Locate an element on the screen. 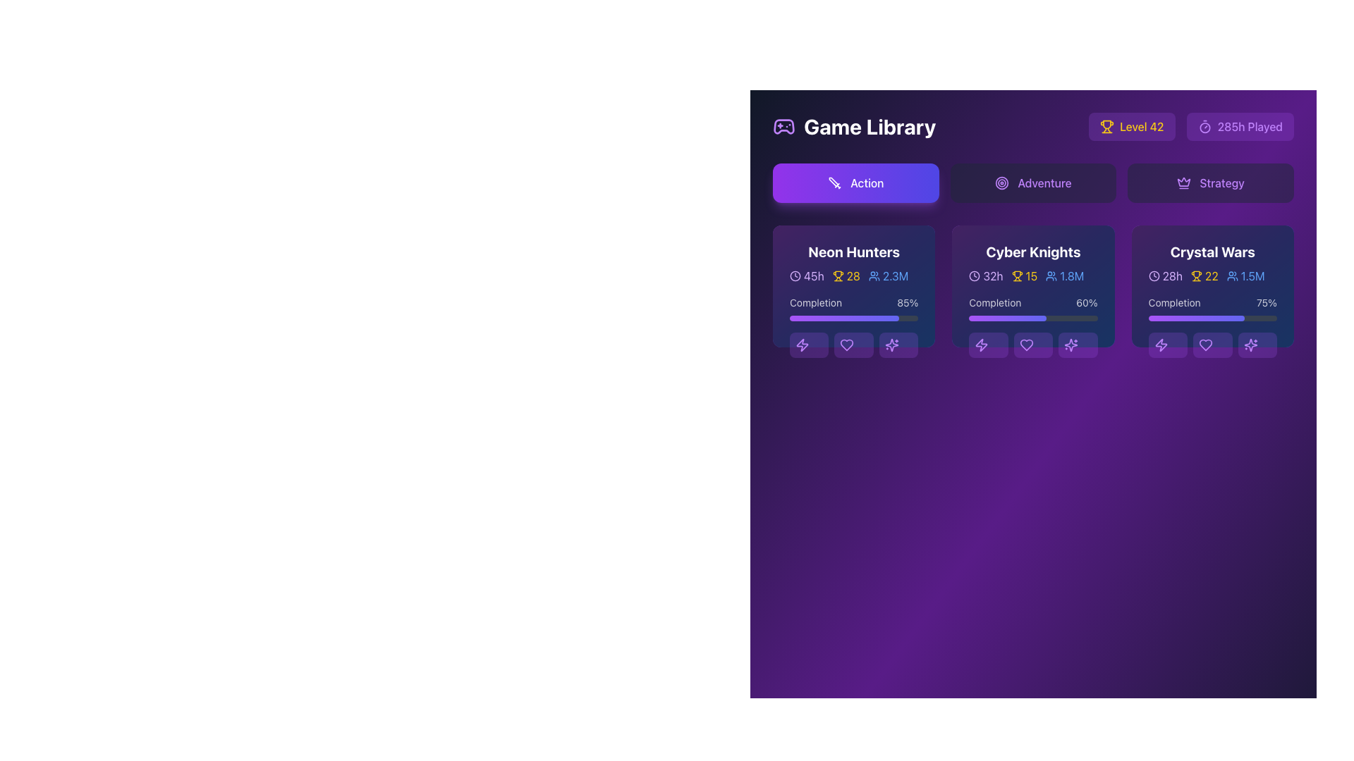  the circular SVG graphic element representing part of a clock icon located in the top-right corner of the UI segment for game information is located at coordinates (795, 276).